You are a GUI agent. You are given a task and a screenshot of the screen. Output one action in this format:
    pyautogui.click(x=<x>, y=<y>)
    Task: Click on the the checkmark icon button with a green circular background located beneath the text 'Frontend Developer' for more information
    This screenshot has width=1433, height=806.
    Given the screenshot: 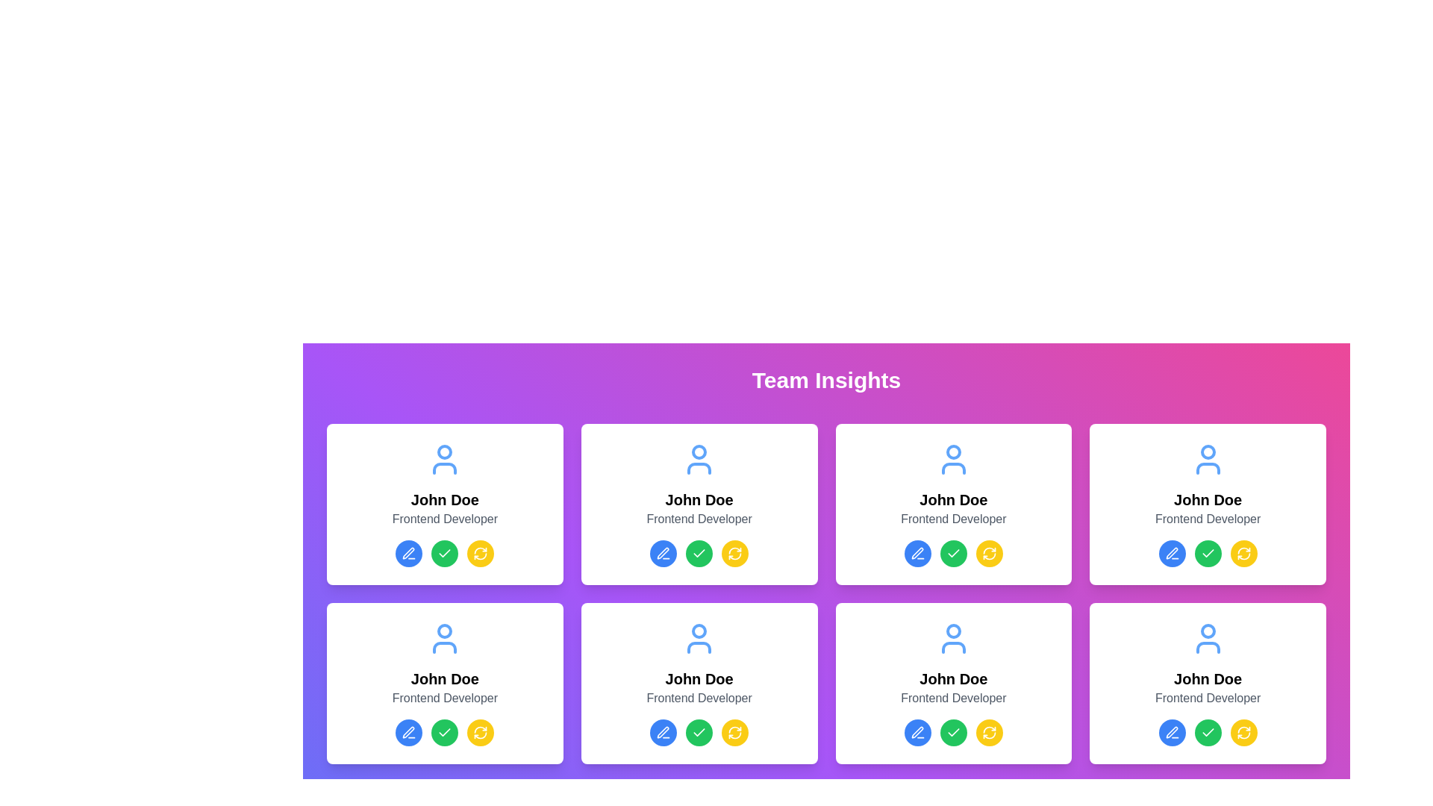 What is the action you would take?
    pyautogui.click(x=1208, y=732)
    